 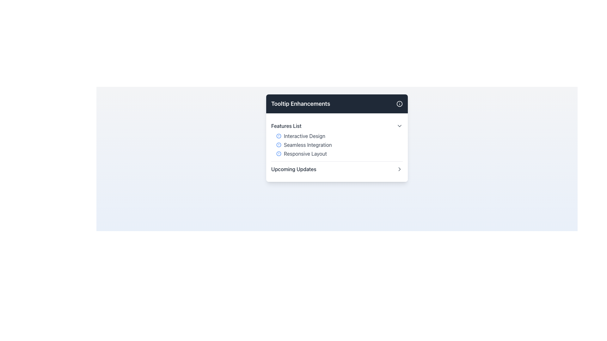 I want to click on the small circular blue icon with a hollow center located next to the text 'Interactive Design' in the 'Features List', so click(x=279, y=136).